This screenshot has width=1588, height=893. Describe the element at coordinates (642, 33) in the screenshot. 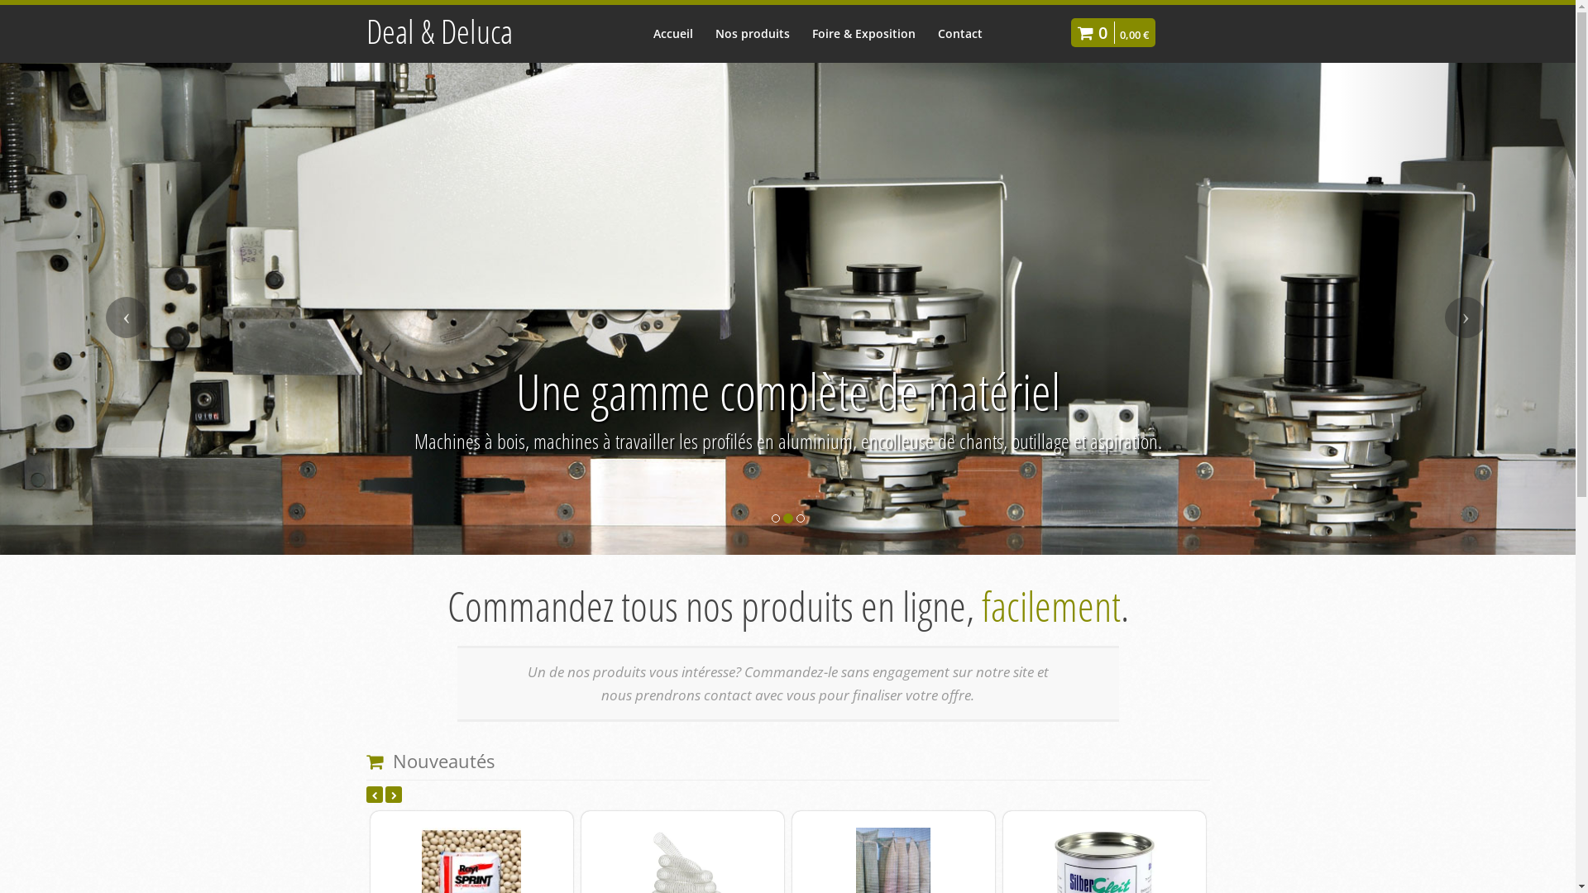

I see `'Accueil'` at that location.